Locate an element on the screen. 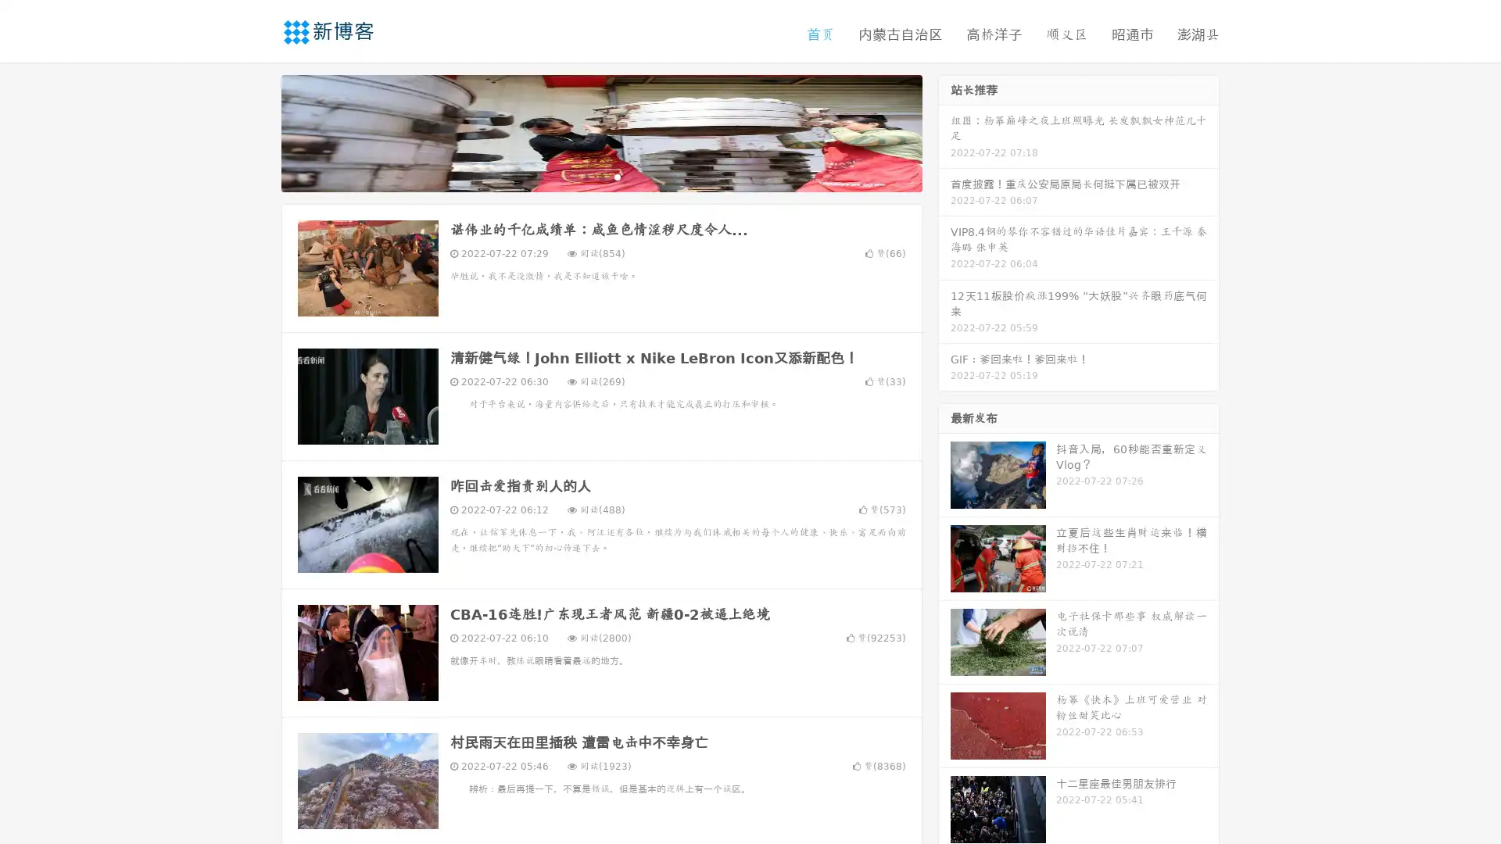 This screenshot has width=1501, height=844. Go to slide 2 is located at coordinates (600, 176).